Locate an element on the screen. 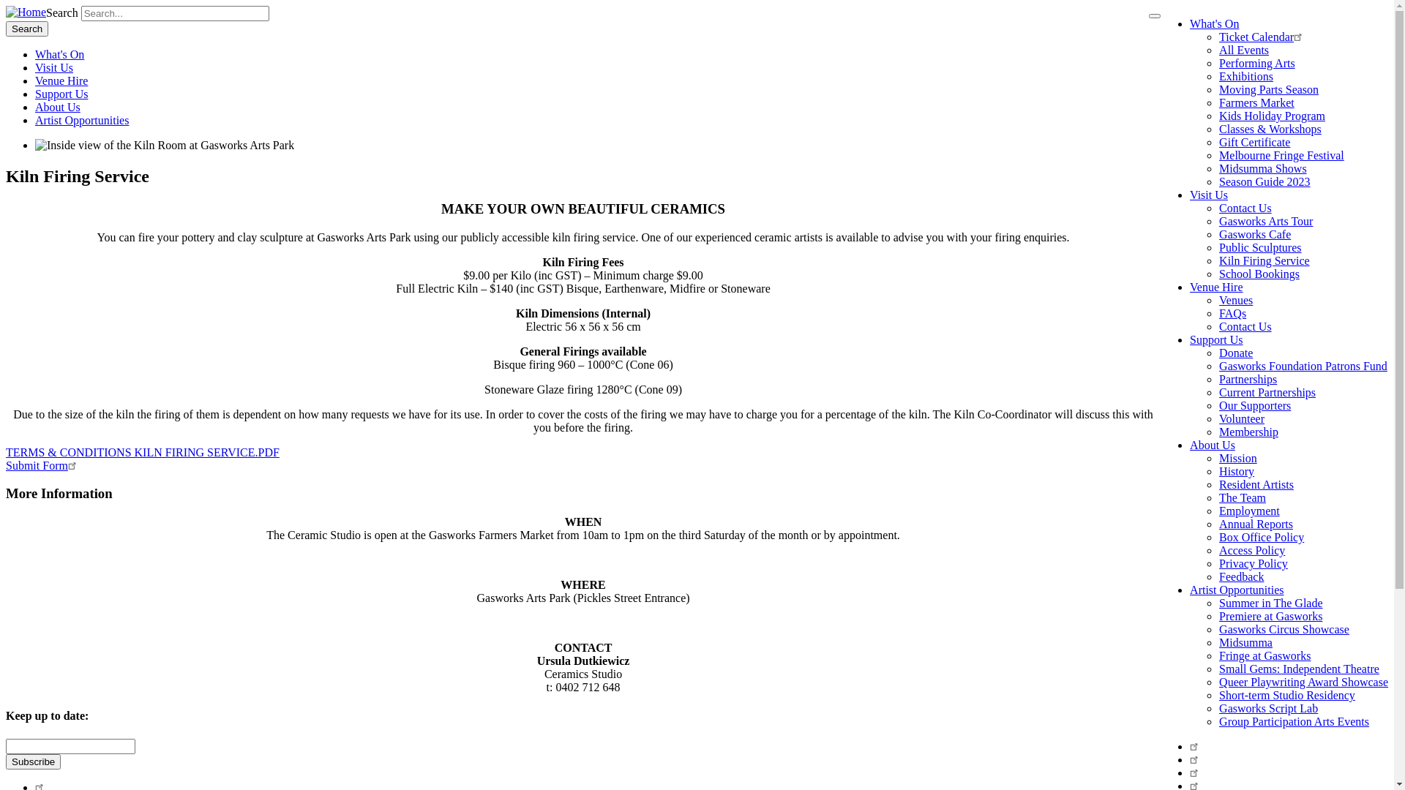 The height and width of the screenshot is (790, 1405). 'TERMS & CONDITIONS KILN FIRING SERVICE.PDF' is located at coordinates (143, 451).